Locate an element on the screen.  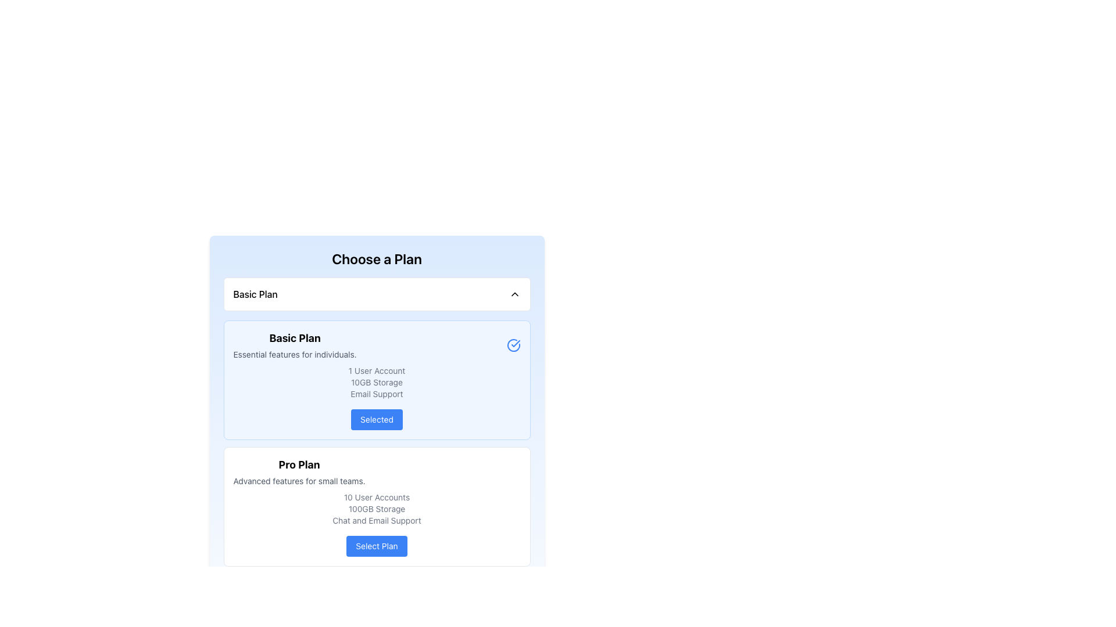
the static label displaying 'Chat and Email Support', which is the third item in the list under the 'Pro Plan' section, located below '100GB Storage' and above the 'Select Plan' button is located at coordinates (377, 520).